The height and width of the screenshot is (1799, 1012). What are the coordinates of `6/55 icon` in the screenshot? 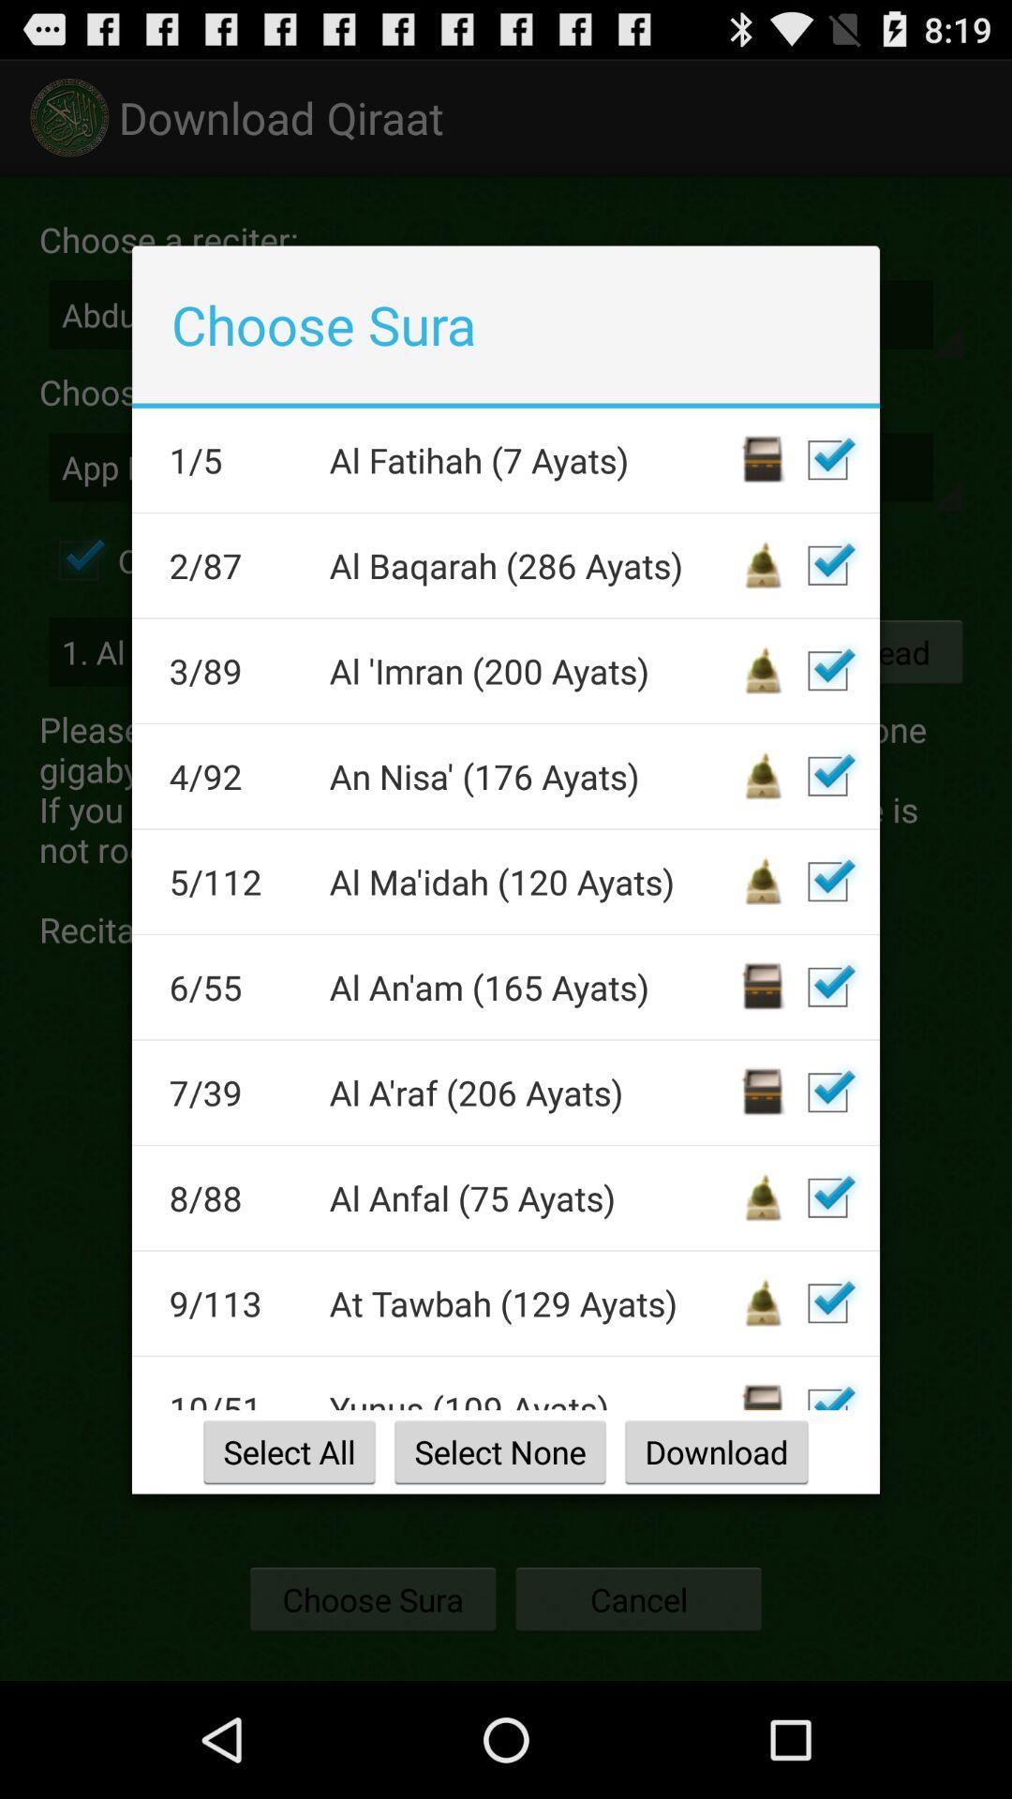 It's located at (236, 986).